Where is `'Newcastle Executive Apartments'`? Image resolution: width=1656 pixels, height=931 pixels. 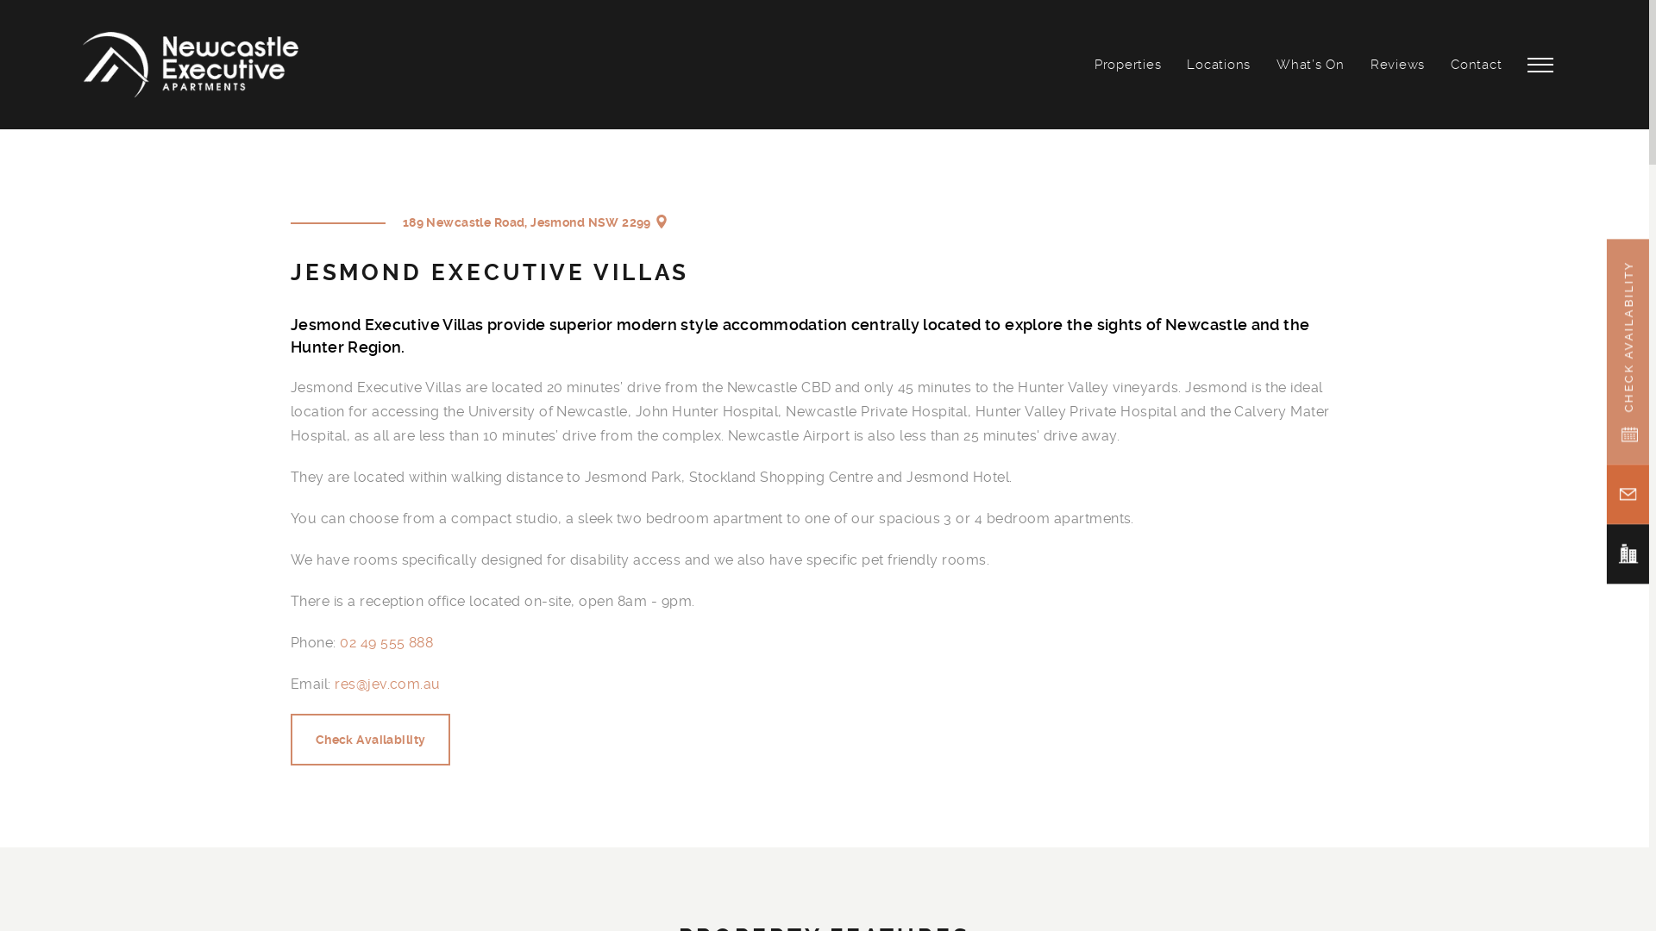 'Newcastle Executive Apartments' is located at coordinates (190, 64).